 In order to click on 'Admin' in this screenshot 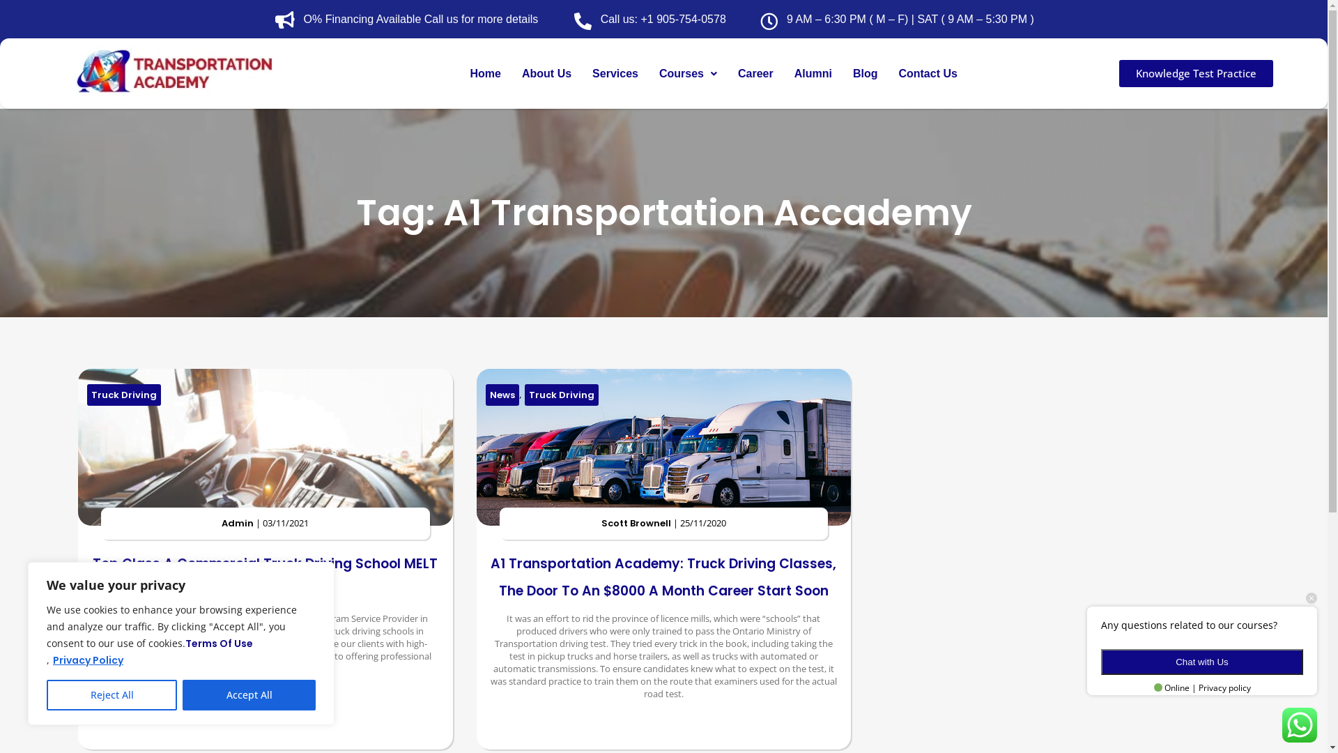, I will do `click(237, 523)`.